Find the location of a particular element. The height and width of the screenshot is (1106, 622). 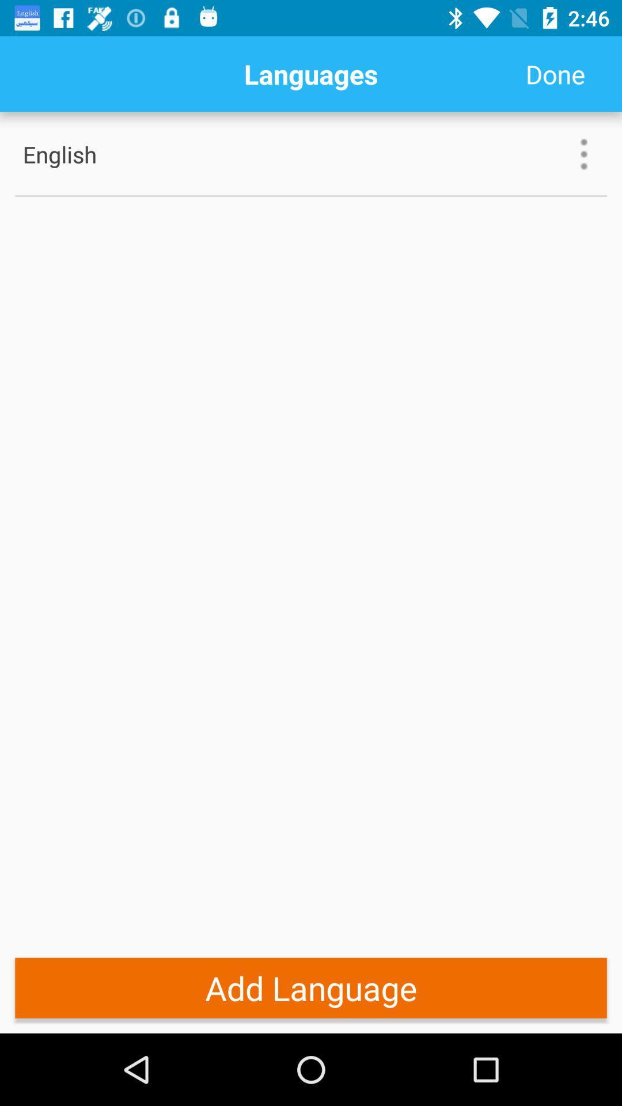

the item next to the languages is located at coordinates (555, 73).